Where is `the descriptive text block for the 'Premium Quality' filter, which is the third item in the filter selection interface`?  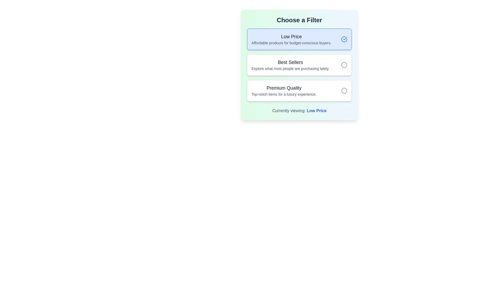
the descriptive text block for the 'Premium Quality' filter, which is the third item in the filter selection interface is located at coordinates (284, 90).